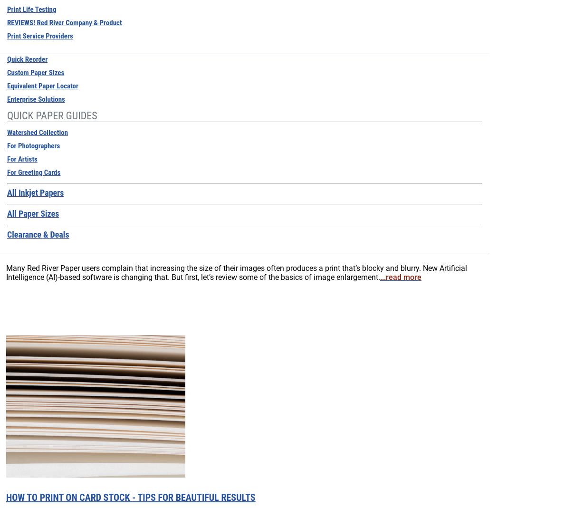 Image resolution: width=574 pixels, height=508 pixels. I want to click on 'Equivalent Paper Locator', so click(42, 86).